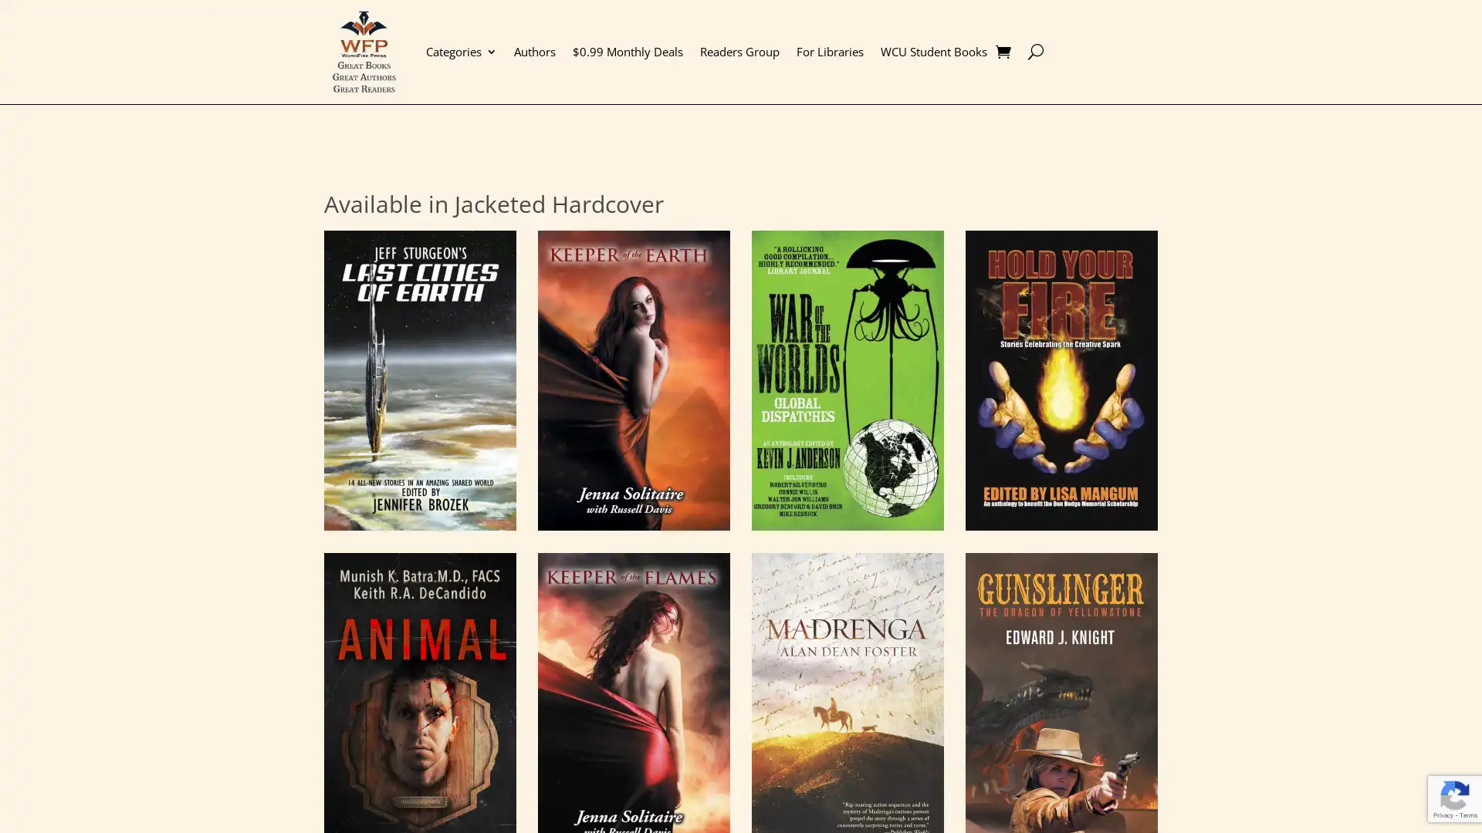 The height and width of the screenshot is (833, 1482). What do you see at coordinates (1034, 50) in the screenshot?
I see `U` at bounding box center [1034, 50].